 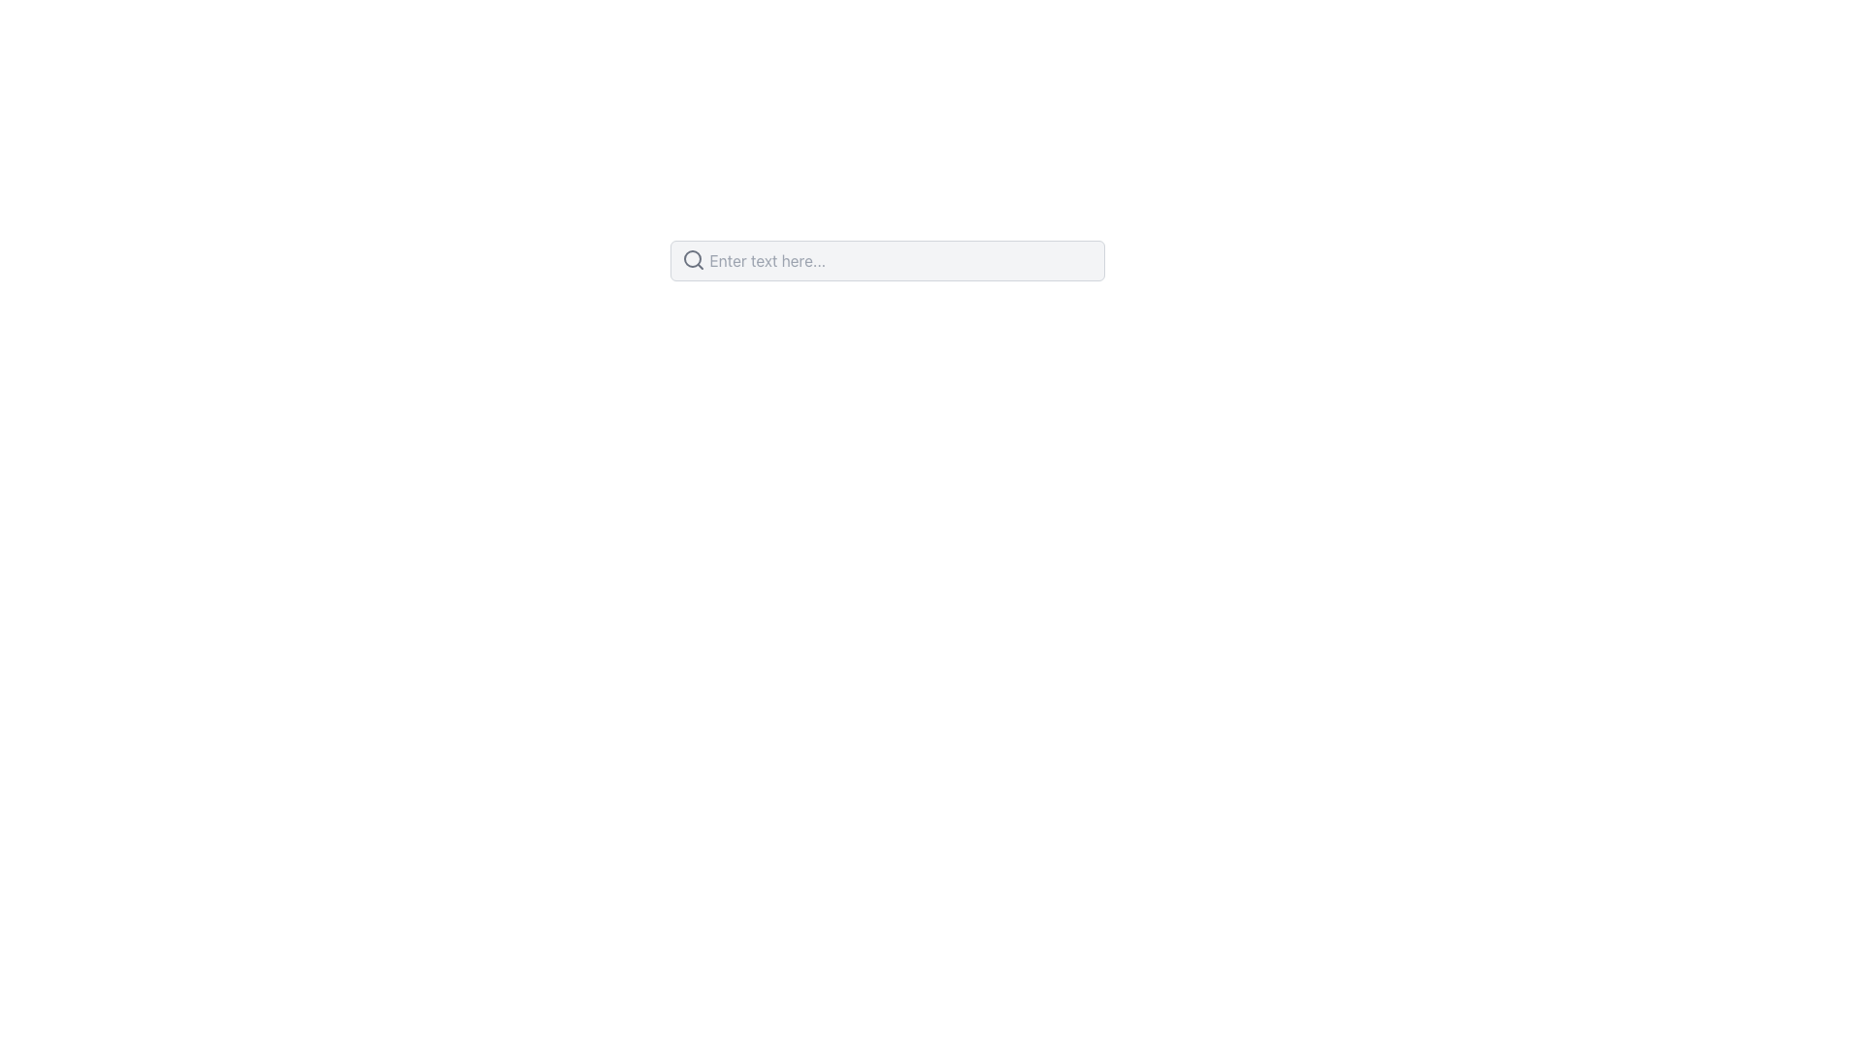 What do you see at coordinates (693, 258) in the screenshot?
I see `the search icon represented by a magnifying glass, which is located at the far left inside a text input field` at bounding box center [693, 258].